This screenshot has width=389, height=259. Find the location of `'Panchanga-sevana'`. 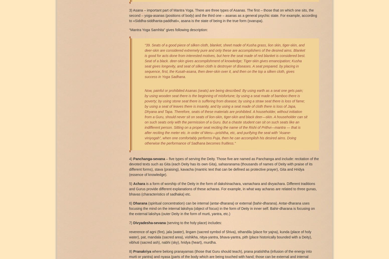

'Panchanga-sevana' is located at coordinates (149, 158).